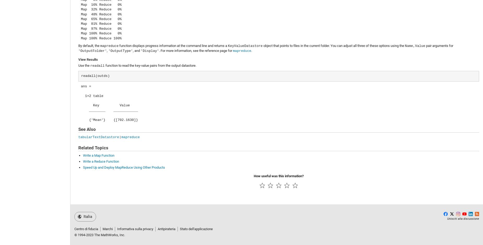 This screenshot has width=483, height=245. I want to click on 'How useful was this information?', so click(278, 176).